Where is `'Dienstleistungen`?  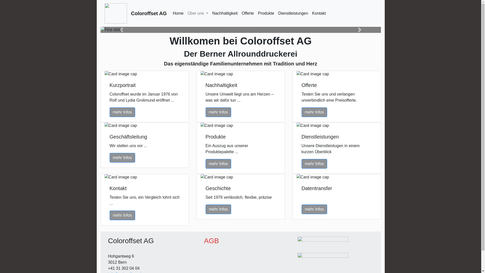 'Dienstleistungen is located at coordinates (293, 13).